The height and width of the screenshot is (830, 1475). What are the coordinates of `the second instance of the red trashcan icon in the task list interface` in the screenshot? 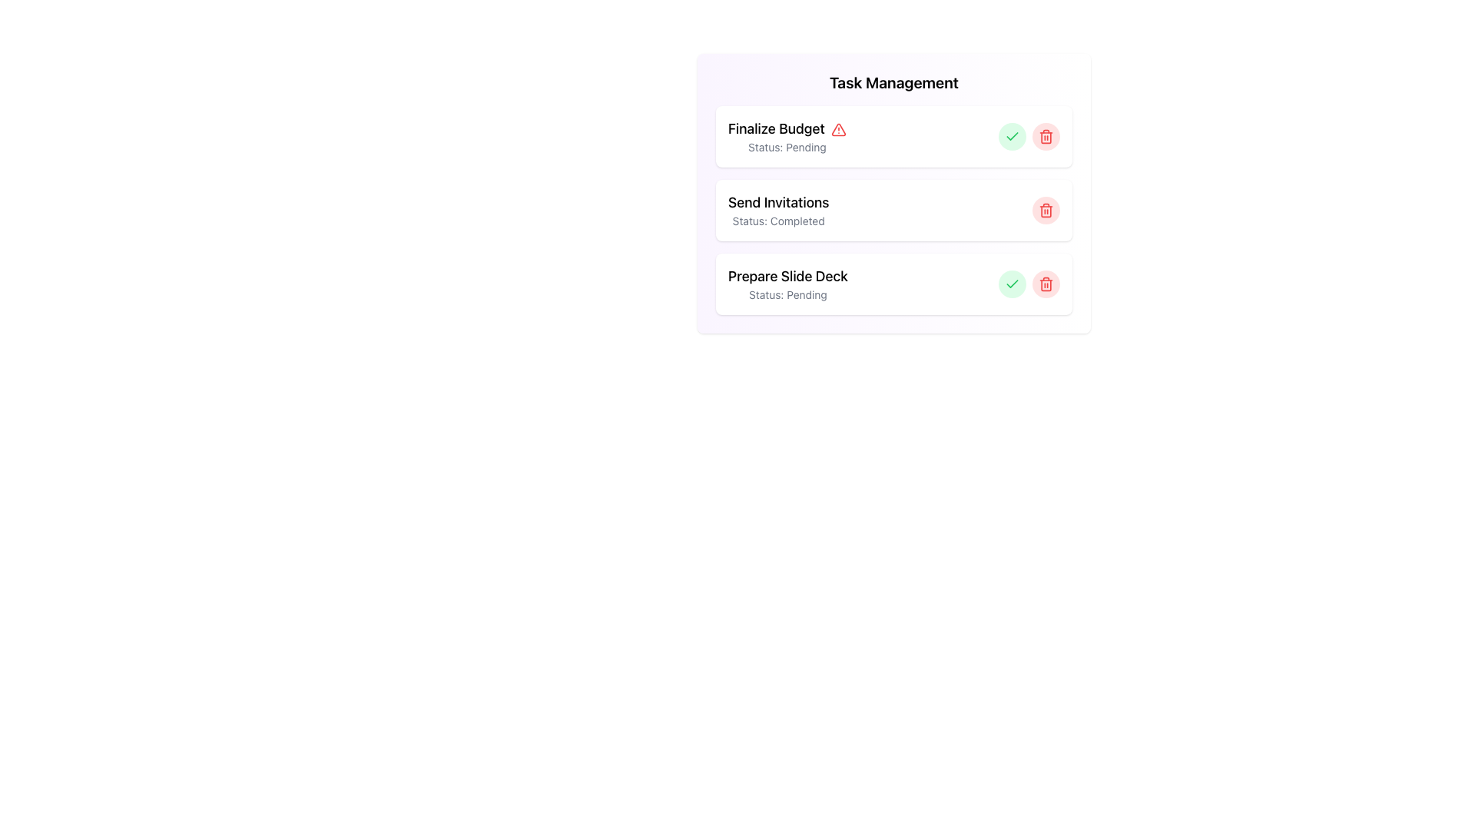 It's located at (1046, 210).